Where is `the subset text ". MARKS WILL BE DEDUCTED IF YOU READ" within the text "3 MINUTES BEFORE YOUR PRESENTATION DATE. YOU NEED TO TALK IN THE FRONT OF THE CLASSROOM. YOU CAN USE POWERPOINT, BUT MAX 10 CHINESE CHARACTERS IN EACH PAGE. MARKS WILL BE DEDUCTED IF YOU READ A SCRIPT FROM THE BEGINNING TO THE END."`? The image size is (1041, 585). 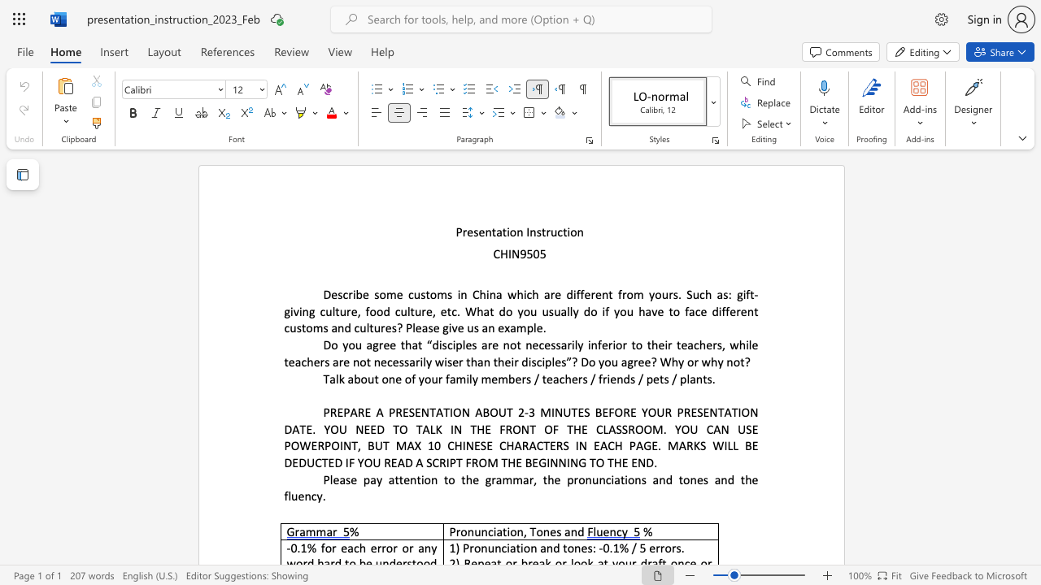
the subset text ". MARKS WILL BE DEDUCTED IF YOU READ" within the text "3 MINUTES BEFORE YOUR PRESENTATION DATE. YOU NEED TO TALK IN THE FRONT OF THE CLASSROOM. YOU CAN USE POWERPOINT, BUT MAX 10 CHINESE CHARACTERS IN EACH PAGE. MARKS WILL BE DEDUCTED IF YOU READ A SCRIPT FROM THE BEGINNING TO THE END." is located at coordinates (658, 445).